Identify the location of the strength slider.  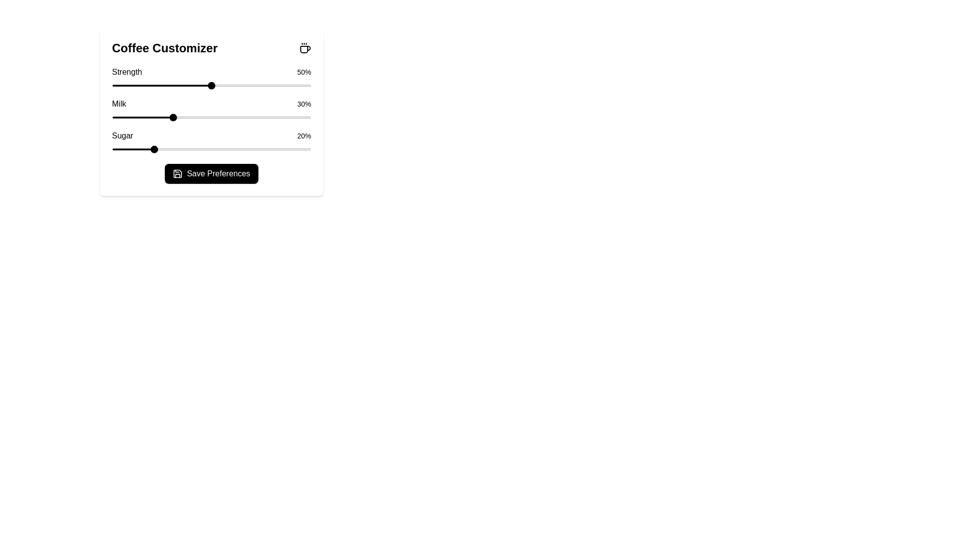
(179, 85).